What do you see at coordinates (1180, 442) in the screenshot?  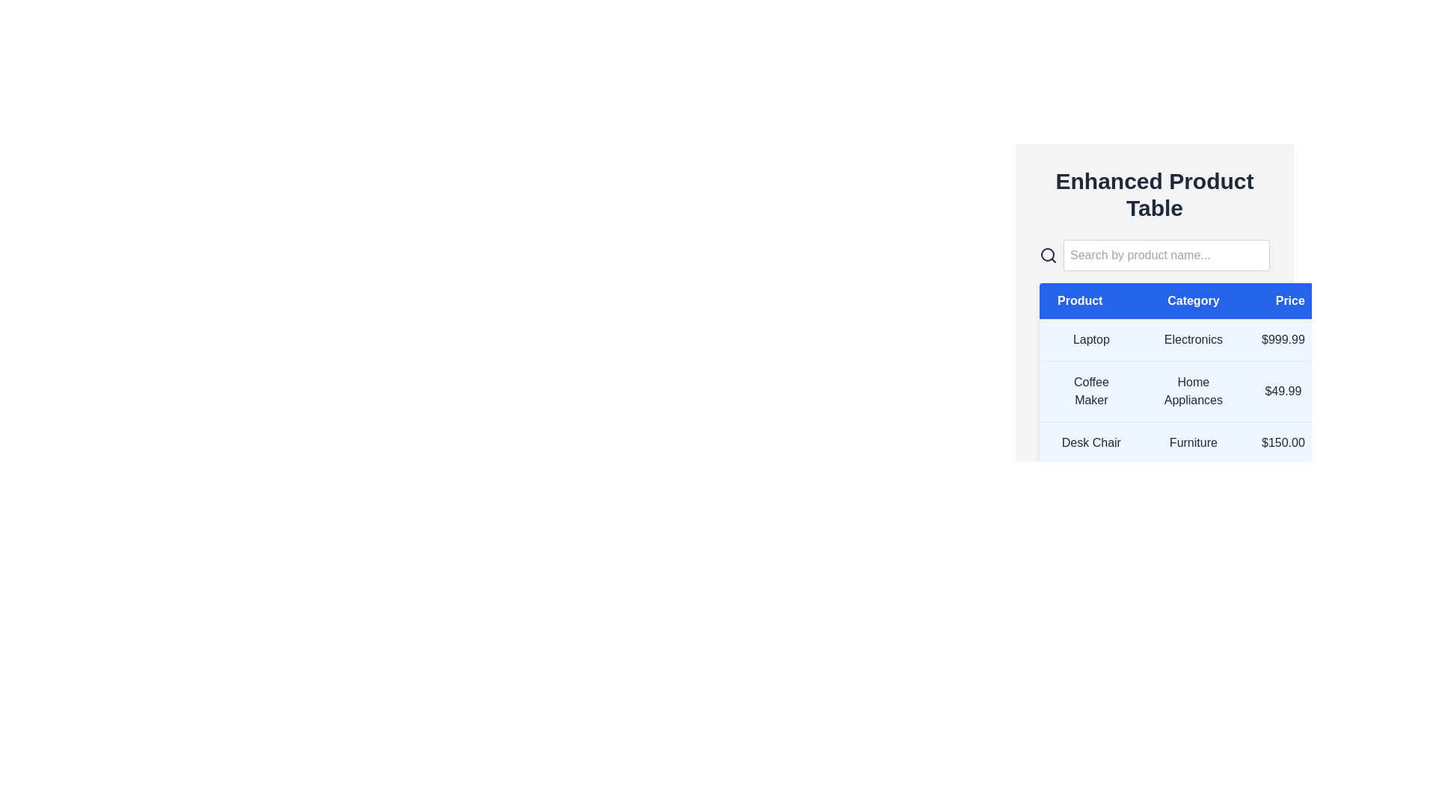 I see `the third row of the 'Enhanced Product Table' that contains the values 'Desk Chair', 'Furniture', and '$150.00' to select the row` at bounding box center [1180, 442].